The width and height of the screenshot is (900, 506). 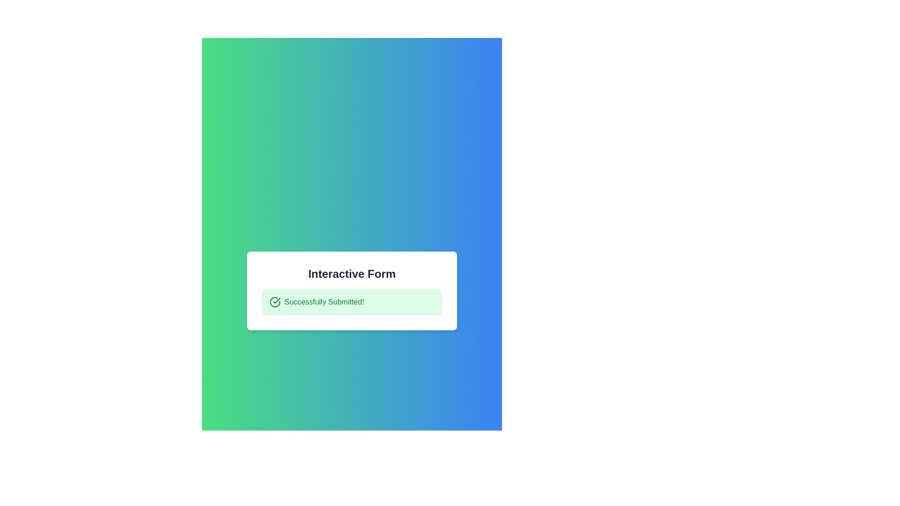 What do you see at coordinates (276, 300) in the screenshot?
I see `the SVG checkmark graphic located near the upper-left corner of the 'Interactive Form' box` at bounding box center [276, 300].